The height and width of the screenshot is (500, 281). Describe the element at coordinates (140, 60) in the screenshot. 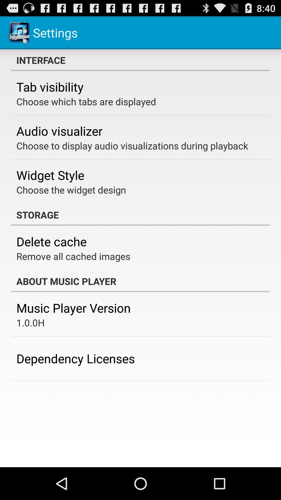

I see `the interface app` at that location.